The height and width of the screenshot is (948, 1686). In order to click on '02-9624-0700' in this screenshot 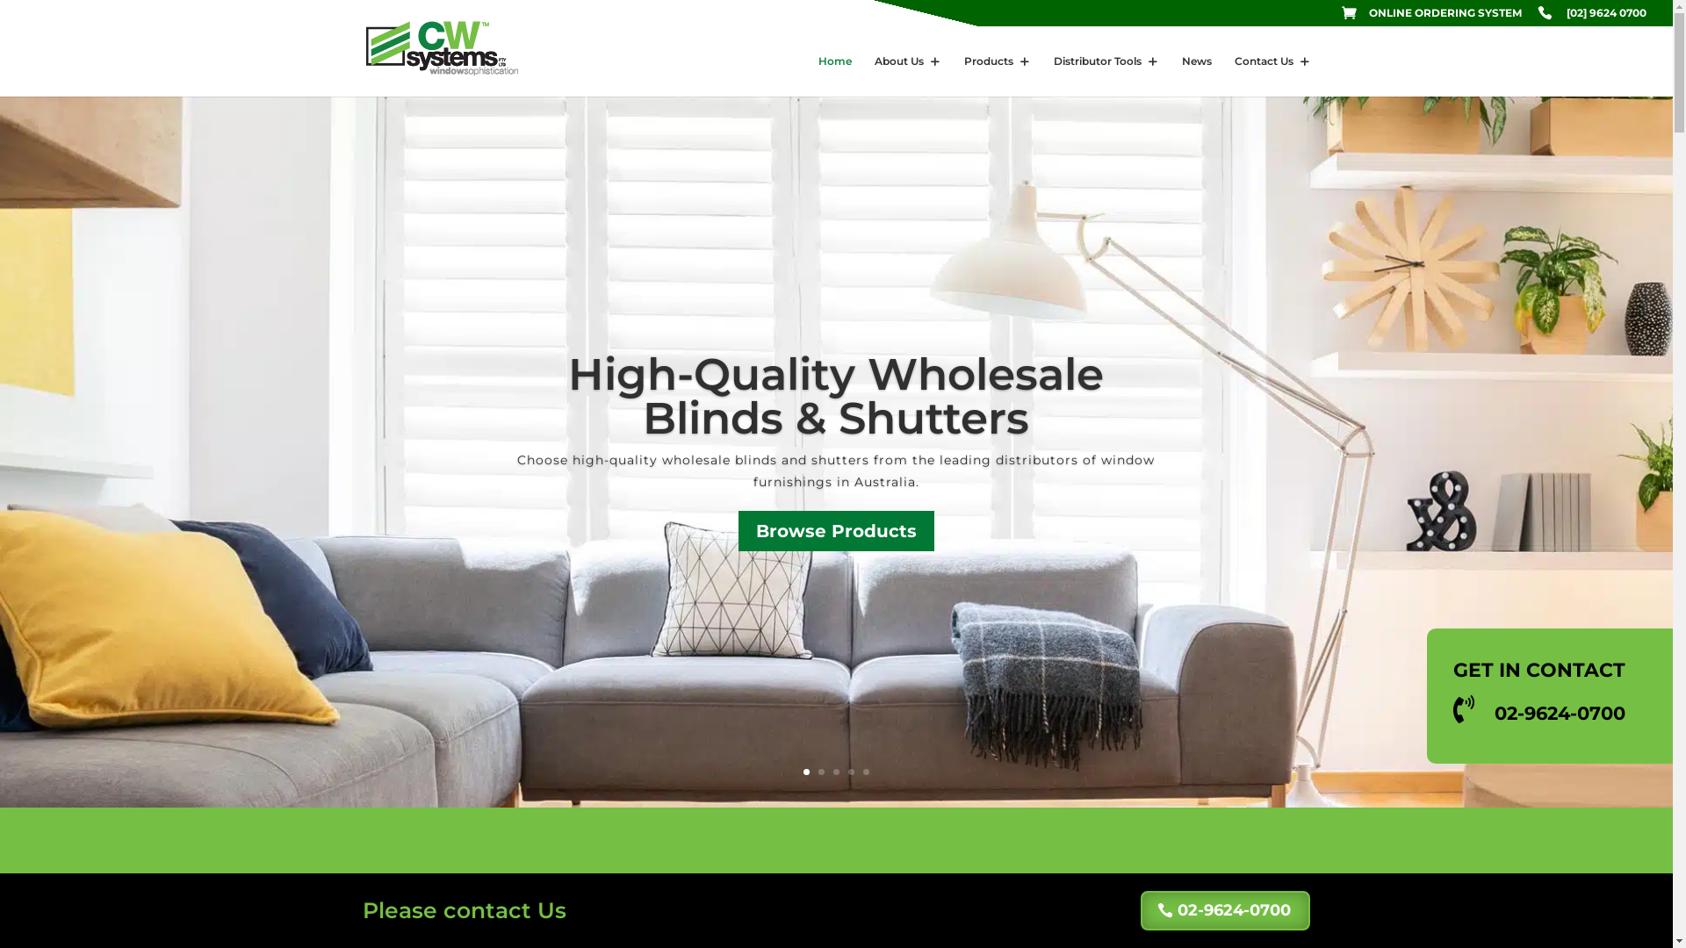, I will do `click(1224, 909)`.